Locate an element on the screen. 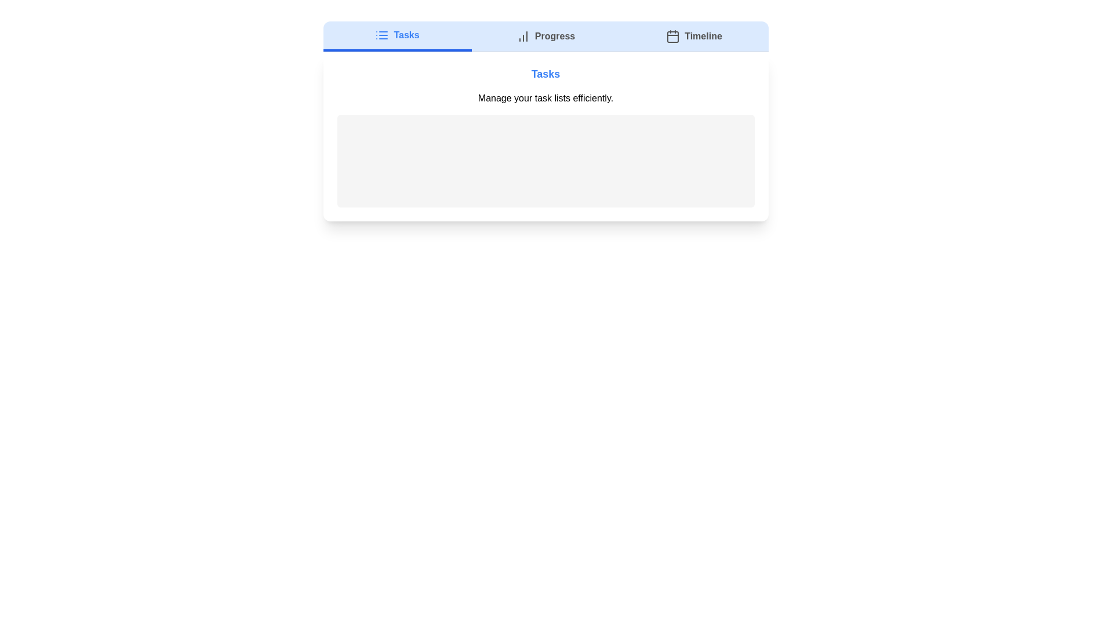  the 'Progress' tab in the navigation bar is located at coordinates (545, 35).